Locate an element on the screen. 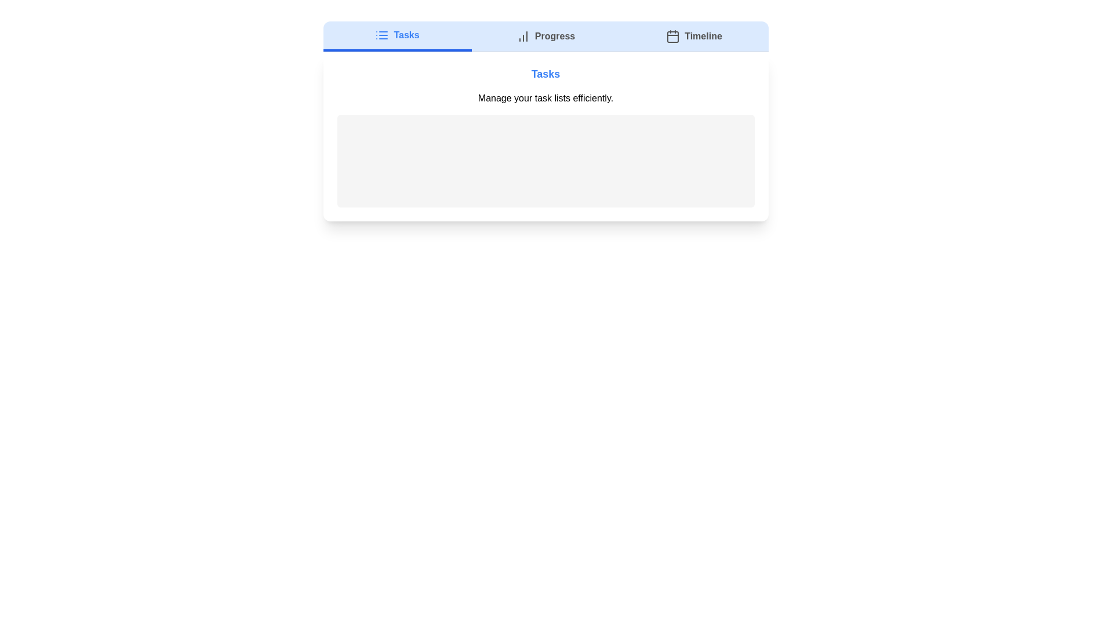  the 'Progress' tab in the navigation bar is located at coordinates (545, 35).